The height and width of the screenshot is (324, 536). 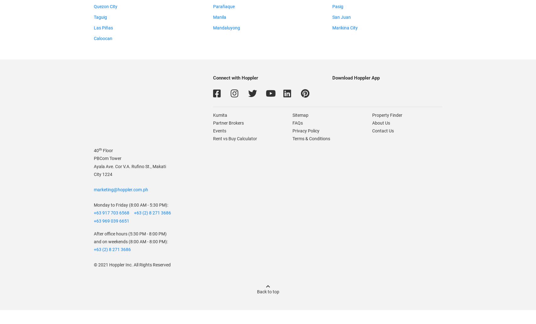 What do you see at coordinates (105, 7) in the screenshot?
I see `'Quezon City'` at bounding box center [105, 7].